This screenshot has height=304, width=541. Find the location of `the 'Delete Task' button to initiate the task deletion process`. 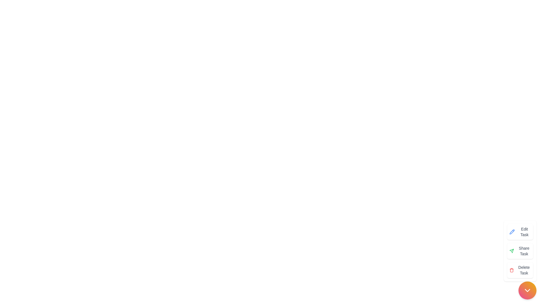

the 'Delete Task' button to initiate the task deletion process is located at coordinates (520, 270).